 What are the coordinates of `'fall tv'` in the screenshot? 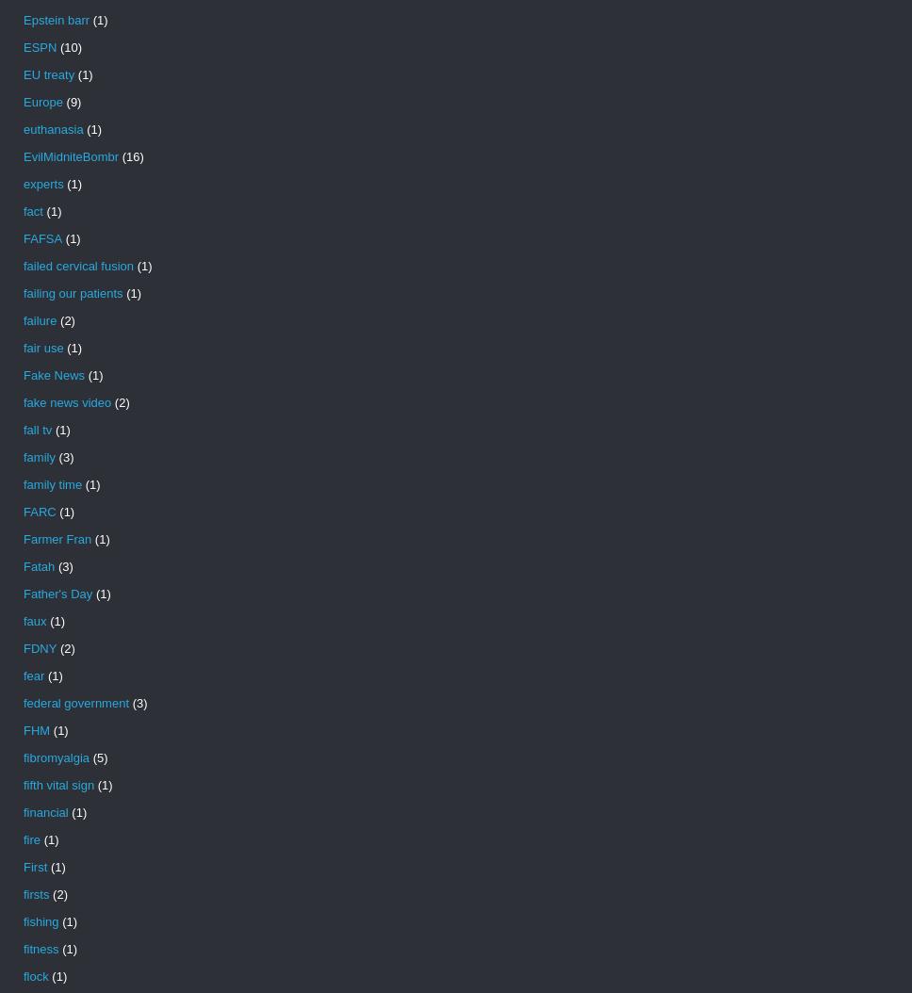 It's located at (37, 430).